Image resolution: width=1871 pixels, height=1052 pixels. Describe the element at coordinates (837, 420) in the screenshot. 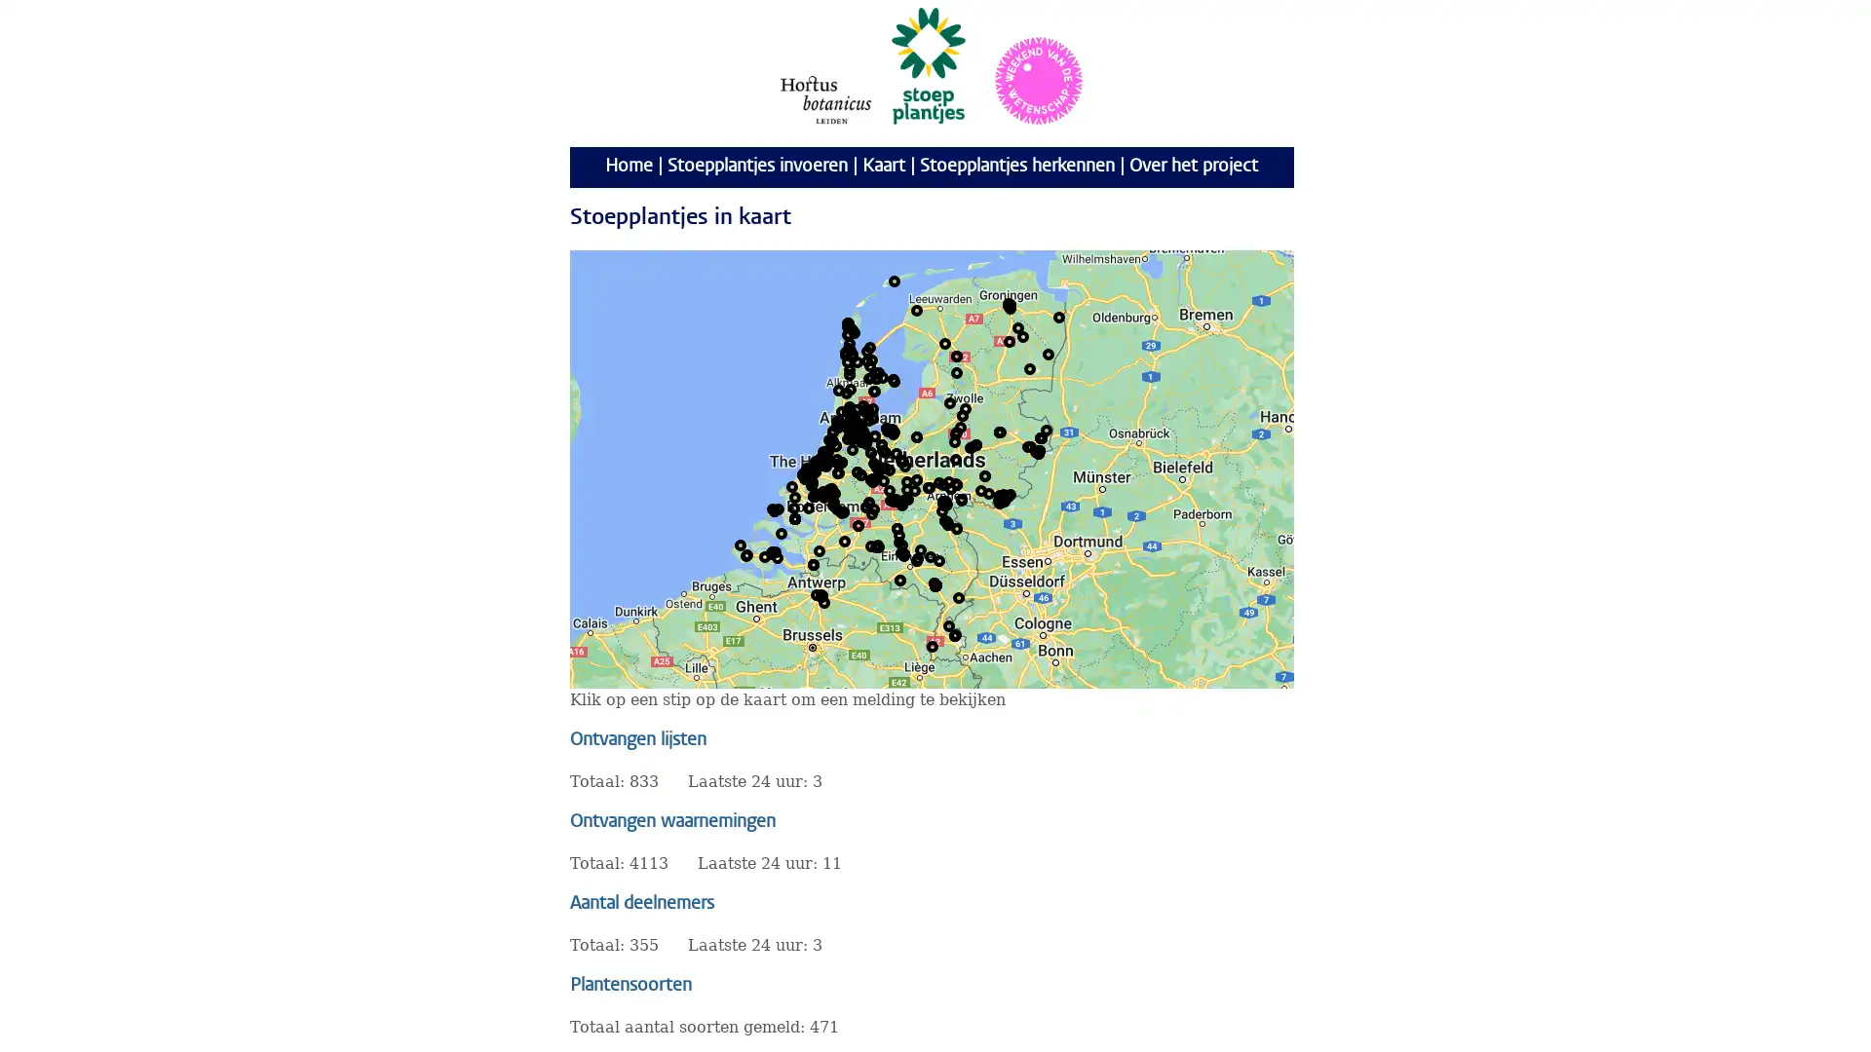

I see `Telling van op 28 maart 2022` at that location.